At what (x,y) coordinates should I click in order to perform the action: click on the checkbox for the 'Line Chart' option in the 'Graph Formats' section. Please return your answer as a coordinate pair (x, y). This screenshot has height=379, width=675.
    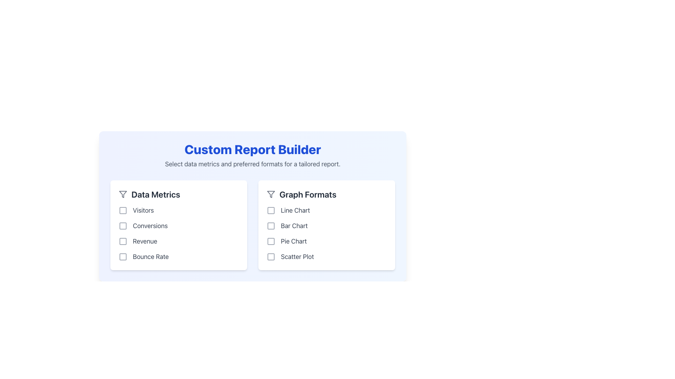
    Looking at the image, I should click on (326, 210).